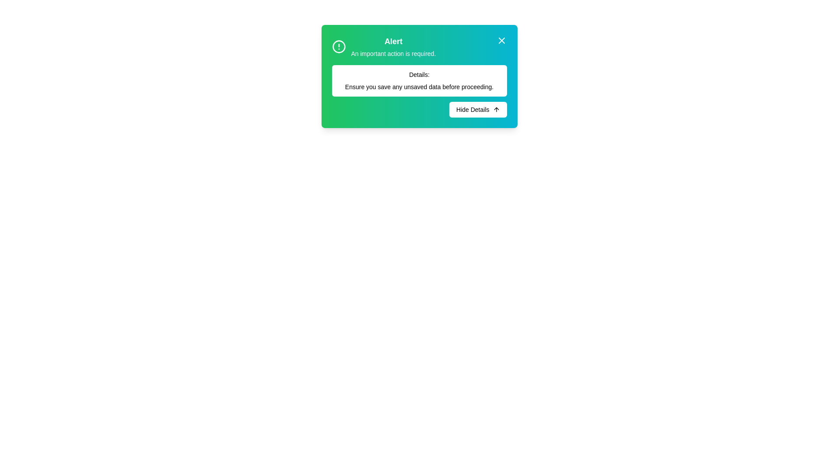  Describe the element at coordinates (393, 42) in the screenshot. I see `the Text label that serves as a title or heading for the dialog box, displaying the message 'An important action is required.'` at that location.